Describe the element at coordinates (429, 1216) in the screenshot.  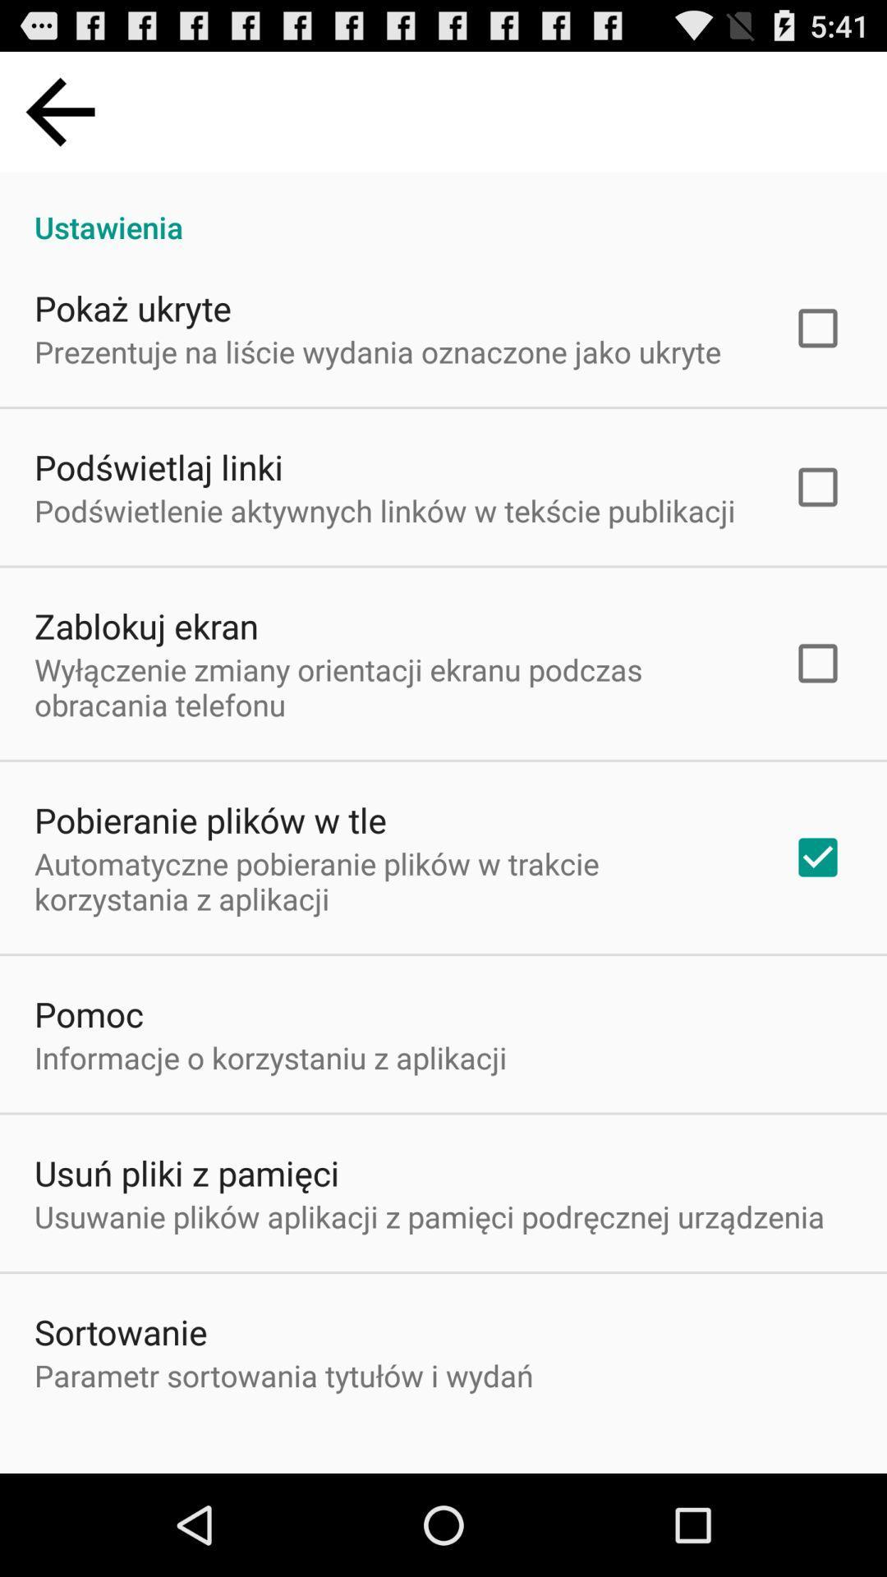
I see `item above sortowanie item` at that location.